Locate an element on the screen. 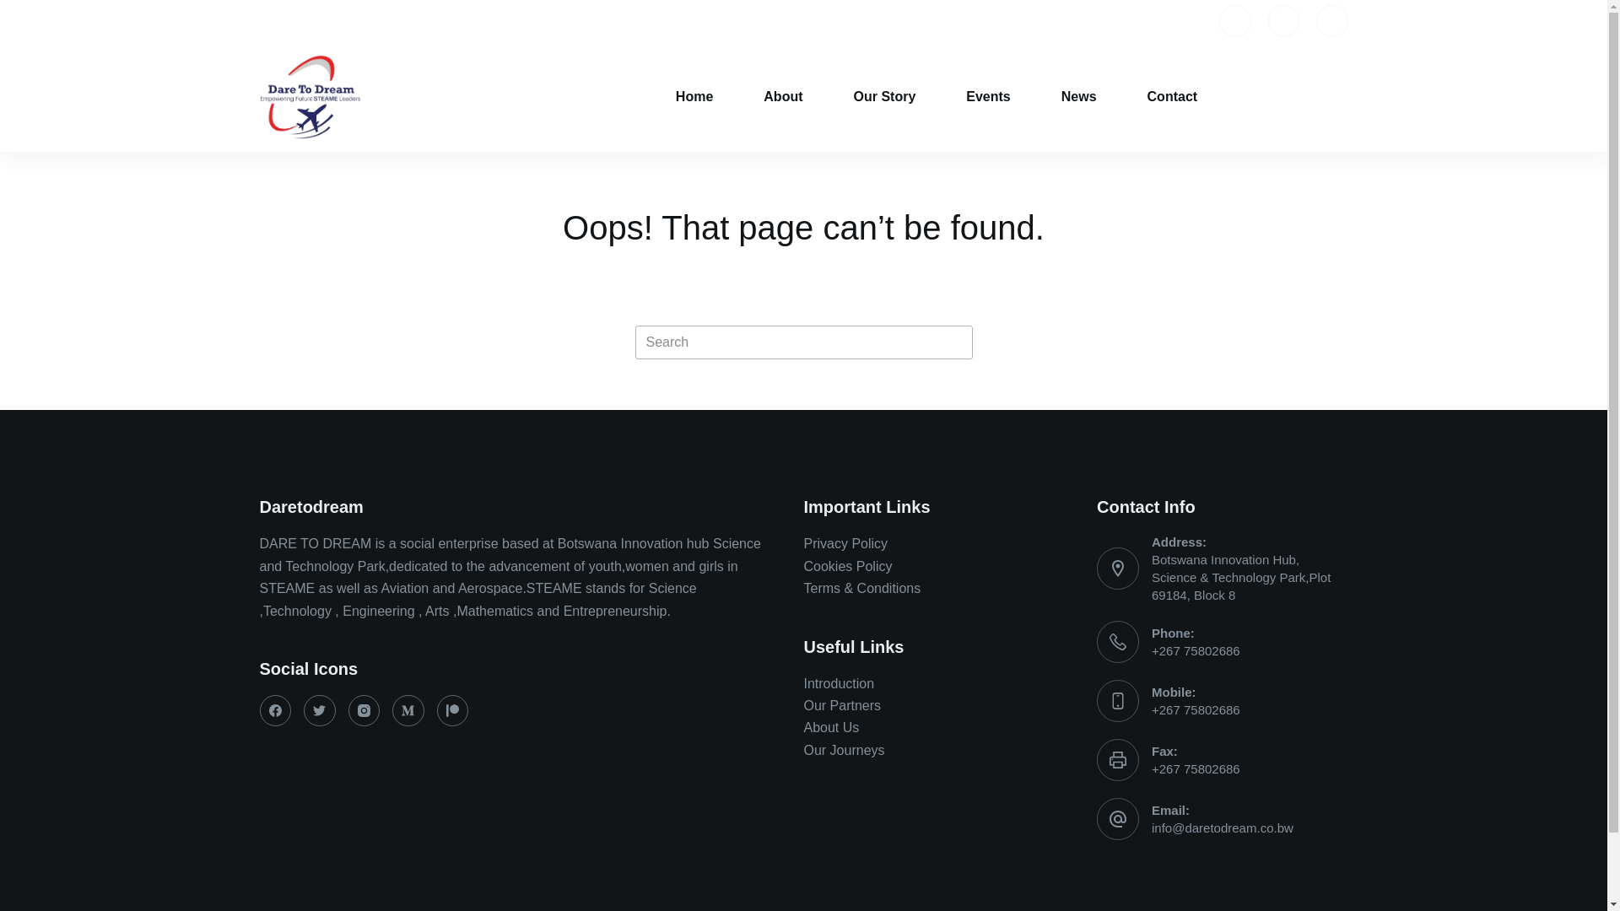 The width and height of the screenshot is (1620, 911). 'Terms & Conditions' is located at coordinates (861, 587).